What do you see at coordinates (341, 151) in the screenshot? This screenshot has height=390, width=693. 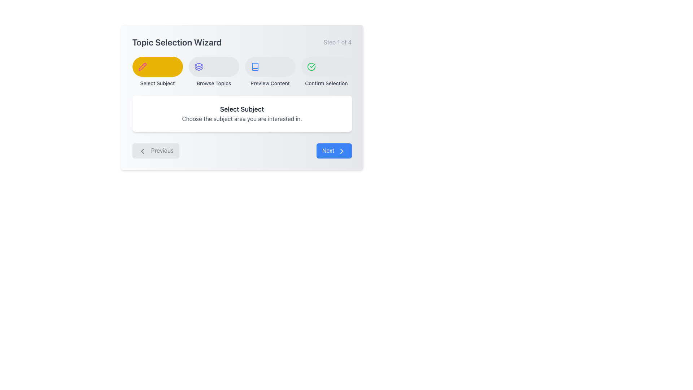 I see `the chevron icon located to the right of the 'Next' button in the navigation section` at bounding box center [341, 151].